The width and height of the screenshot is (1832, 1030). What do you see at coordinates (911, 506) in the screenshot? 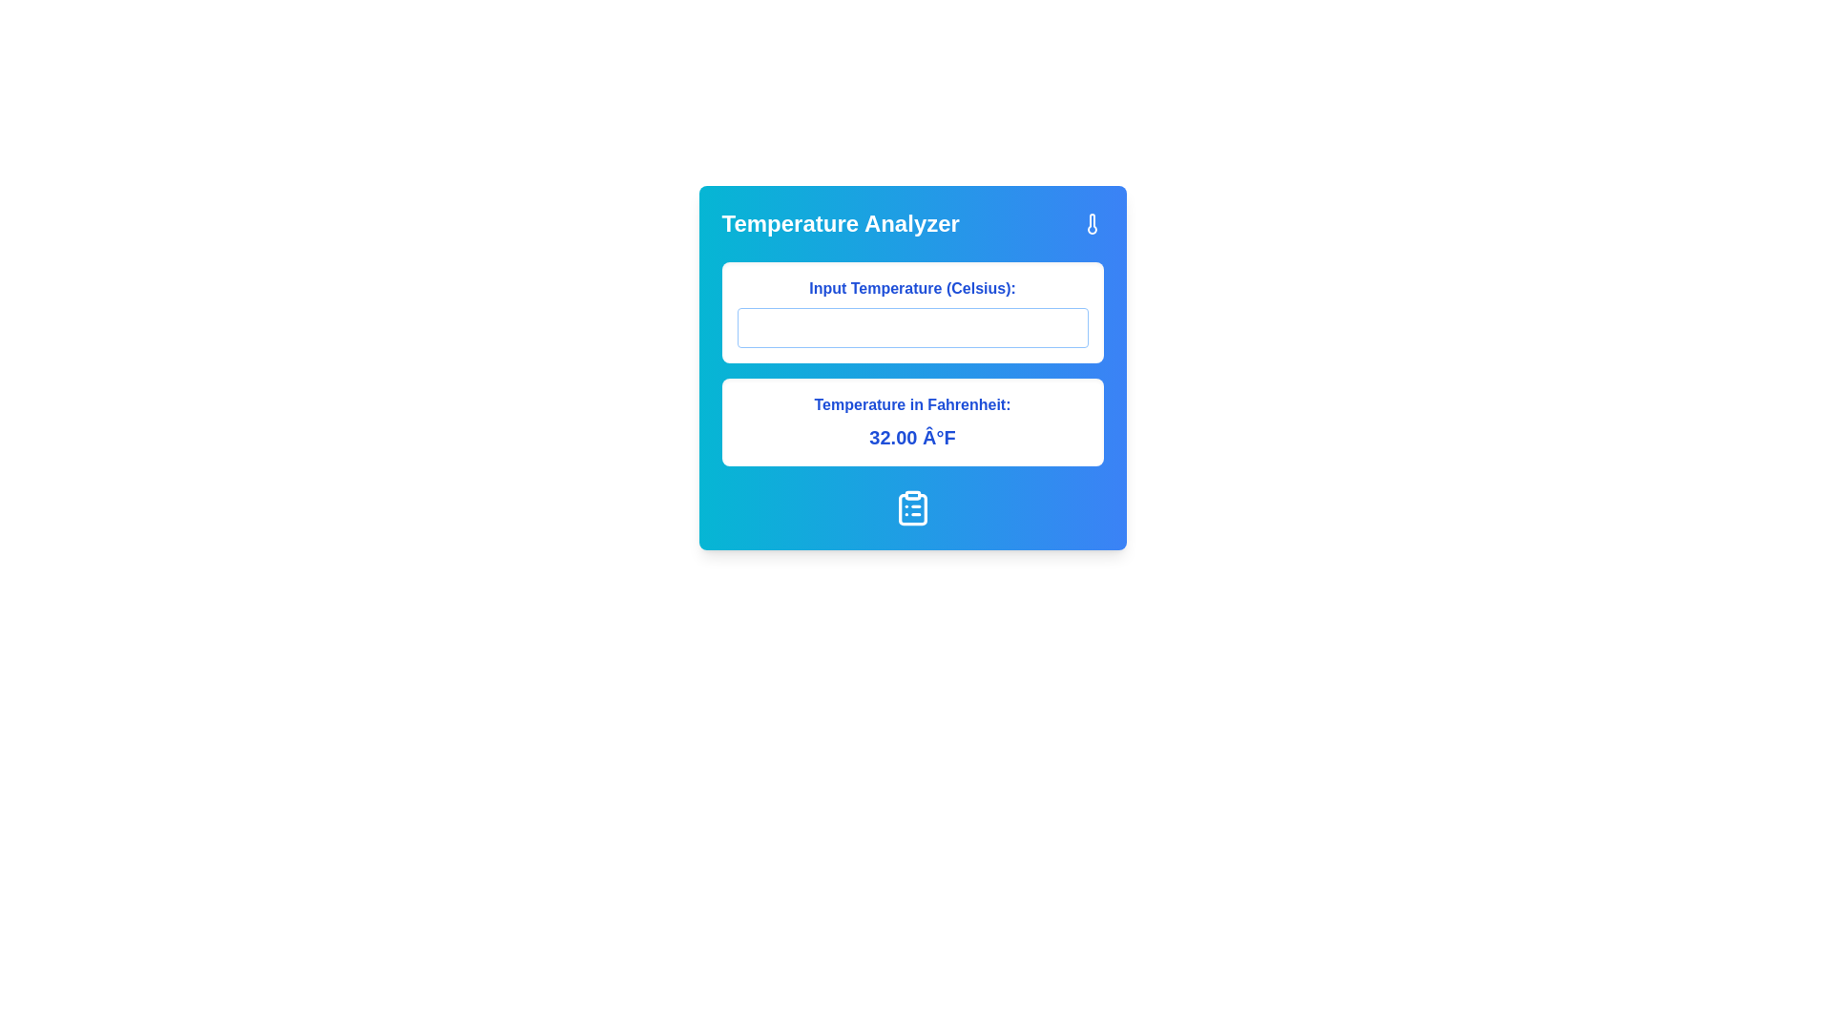
I see `the clipboard icon located at the bottom center of the interface, below the output text showing the calculated temperature in Fahrenheit` at bounding box center [911, 506].